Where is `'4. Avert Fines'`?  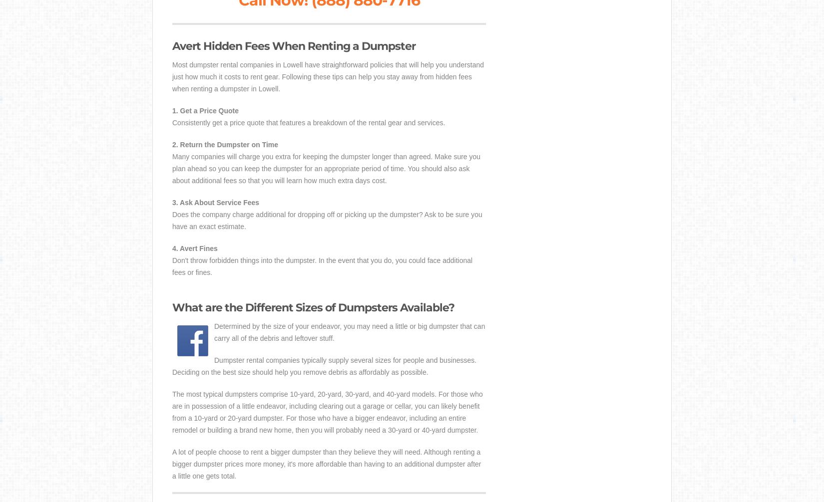
'4. Avert Fines' is located at coordinates (195, 248).